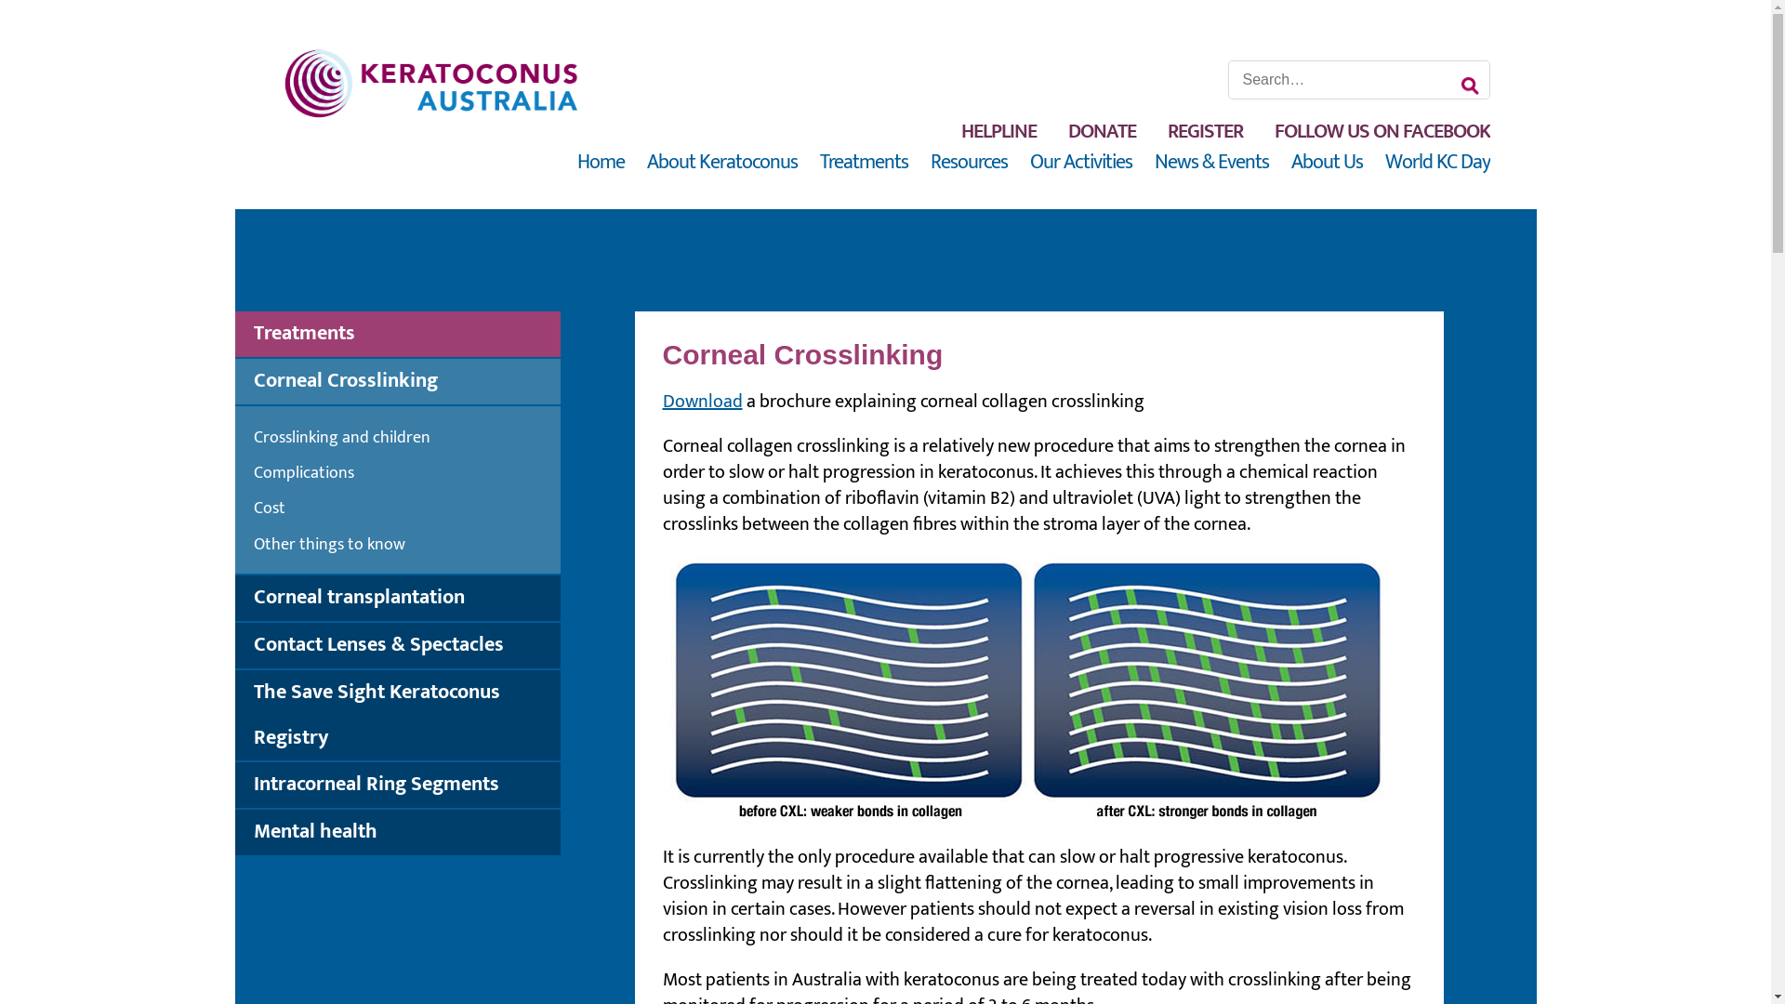  What do you see at coordinates (1272, 130) in the screenshot?
I see `'FOLLOW US ON FACEBOOK'` at bounding box center [1272, 130].